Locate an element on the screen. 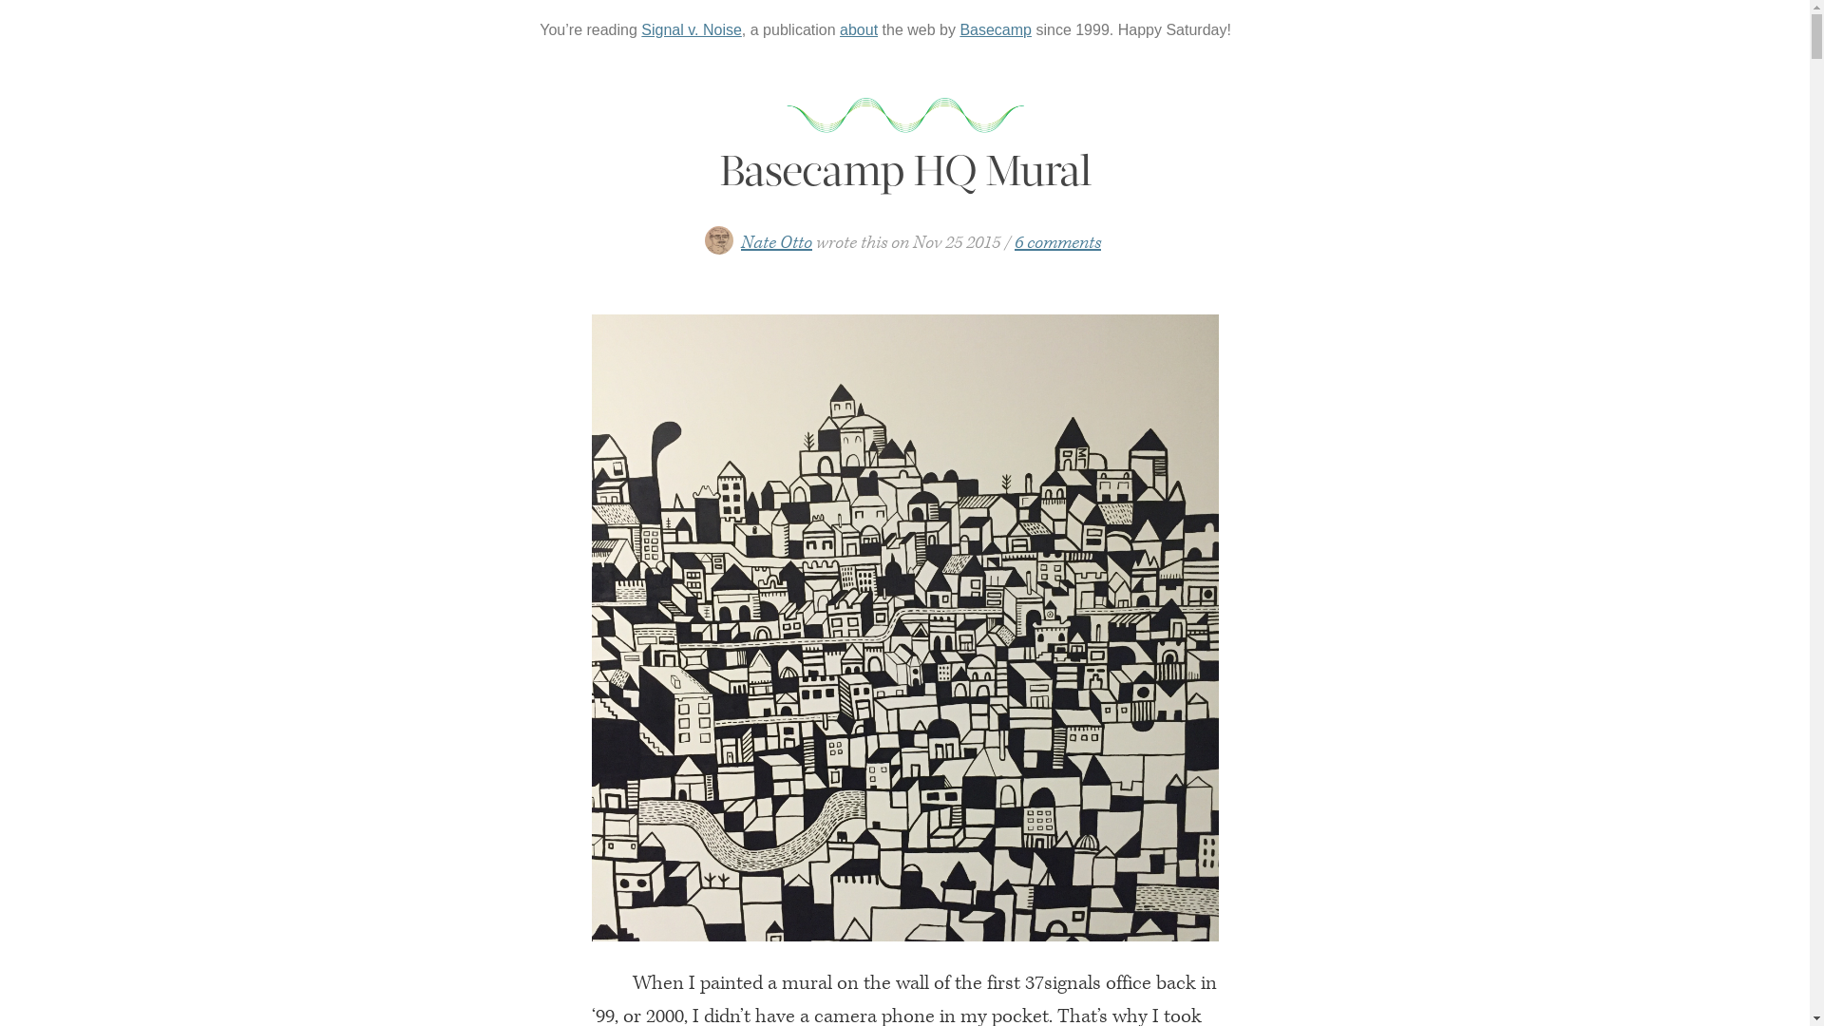 This screenshot has height=1026, width=1824. 'about' is located at coordinates (857, 29).